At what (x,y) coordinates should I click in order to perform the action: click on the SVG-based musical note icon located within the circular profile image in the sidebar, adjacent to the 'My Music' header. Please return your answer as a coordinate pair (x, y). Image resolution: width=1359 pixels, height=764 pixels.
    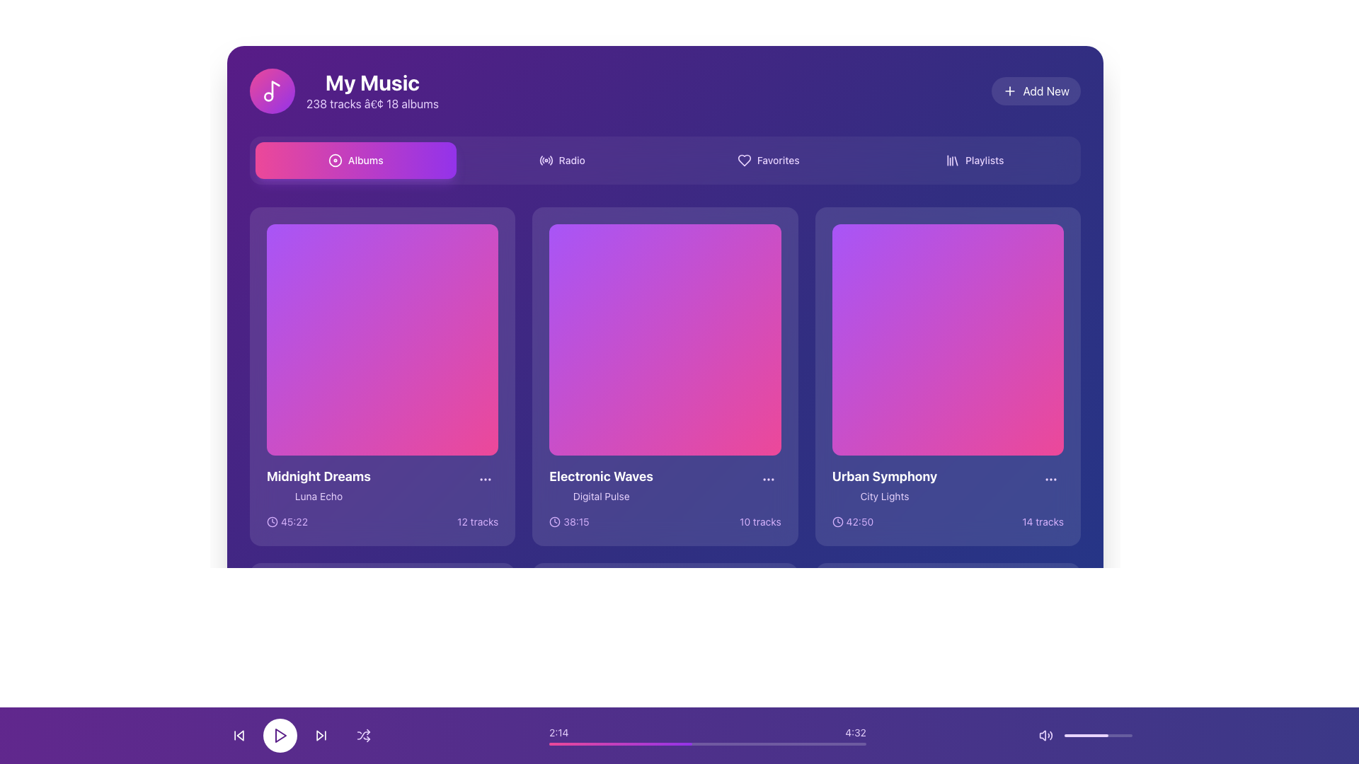
    Looking at the image, I should click on (275, 89).